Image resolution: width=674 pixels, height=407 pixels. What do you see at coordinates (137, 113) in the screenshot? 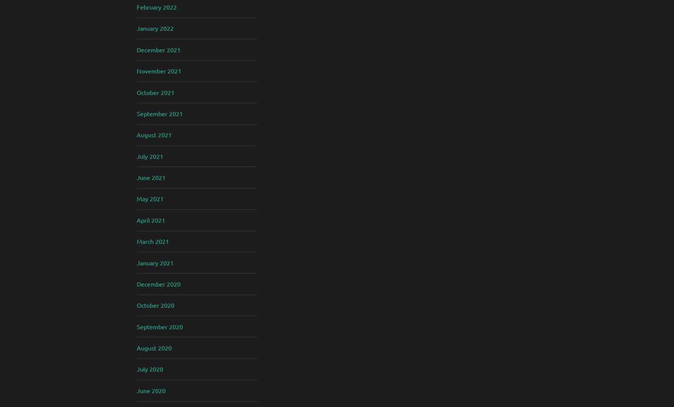
I see `'September 2021'` at bounding box center [137, 113].